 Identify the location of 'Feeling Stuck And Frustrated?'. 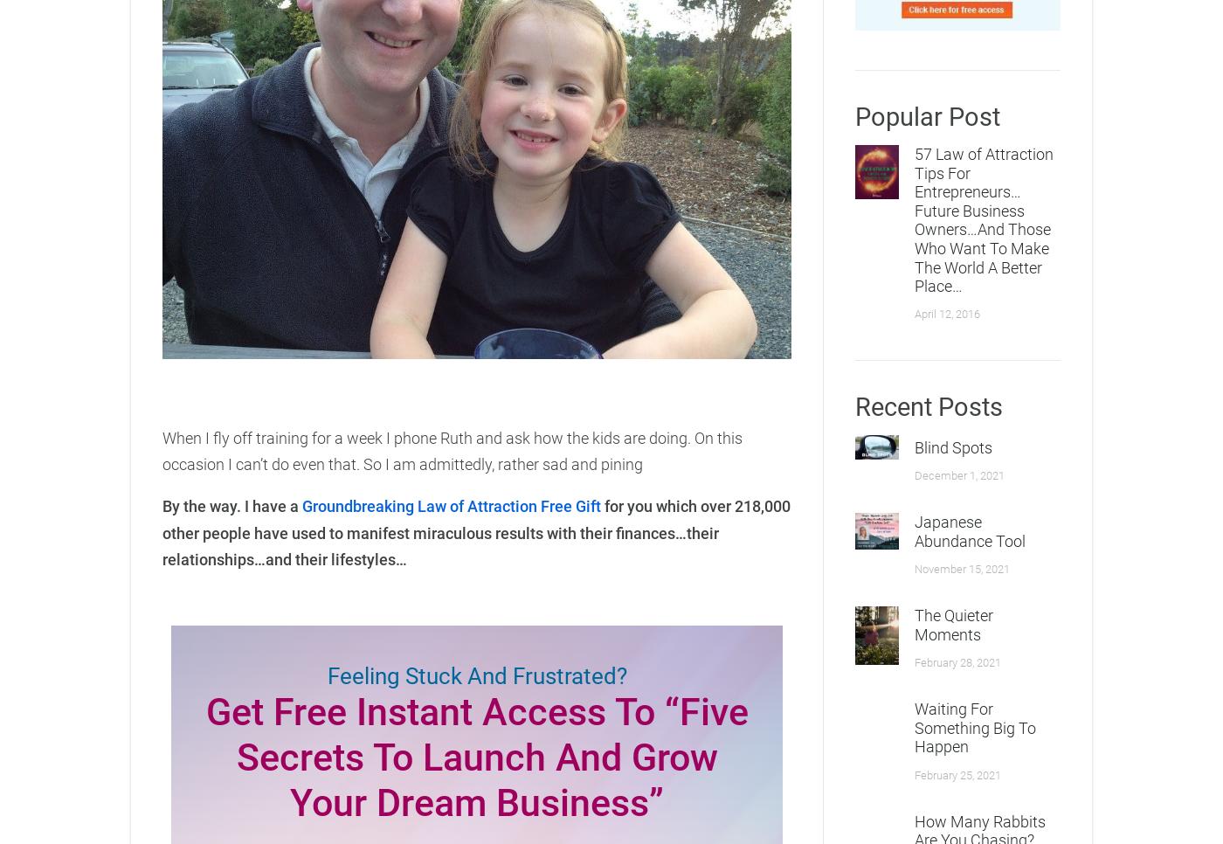
(476, 674).